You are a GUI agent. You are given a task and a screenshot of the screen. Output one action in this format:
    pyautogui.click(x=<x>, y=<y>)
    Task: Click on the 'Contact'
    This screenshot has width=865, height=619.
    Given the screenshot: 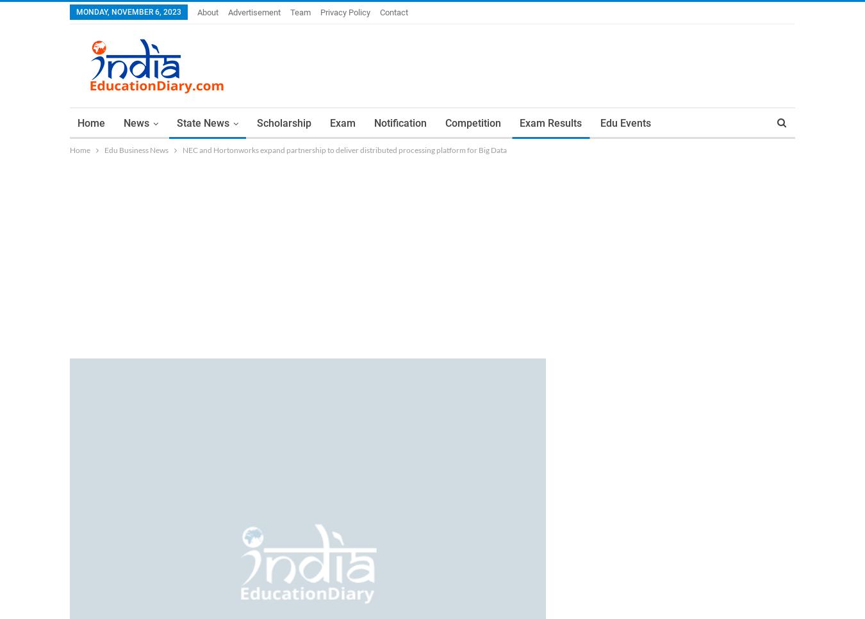 What is the action you would take?
    pyautogui.click(x=394, y=12)
    